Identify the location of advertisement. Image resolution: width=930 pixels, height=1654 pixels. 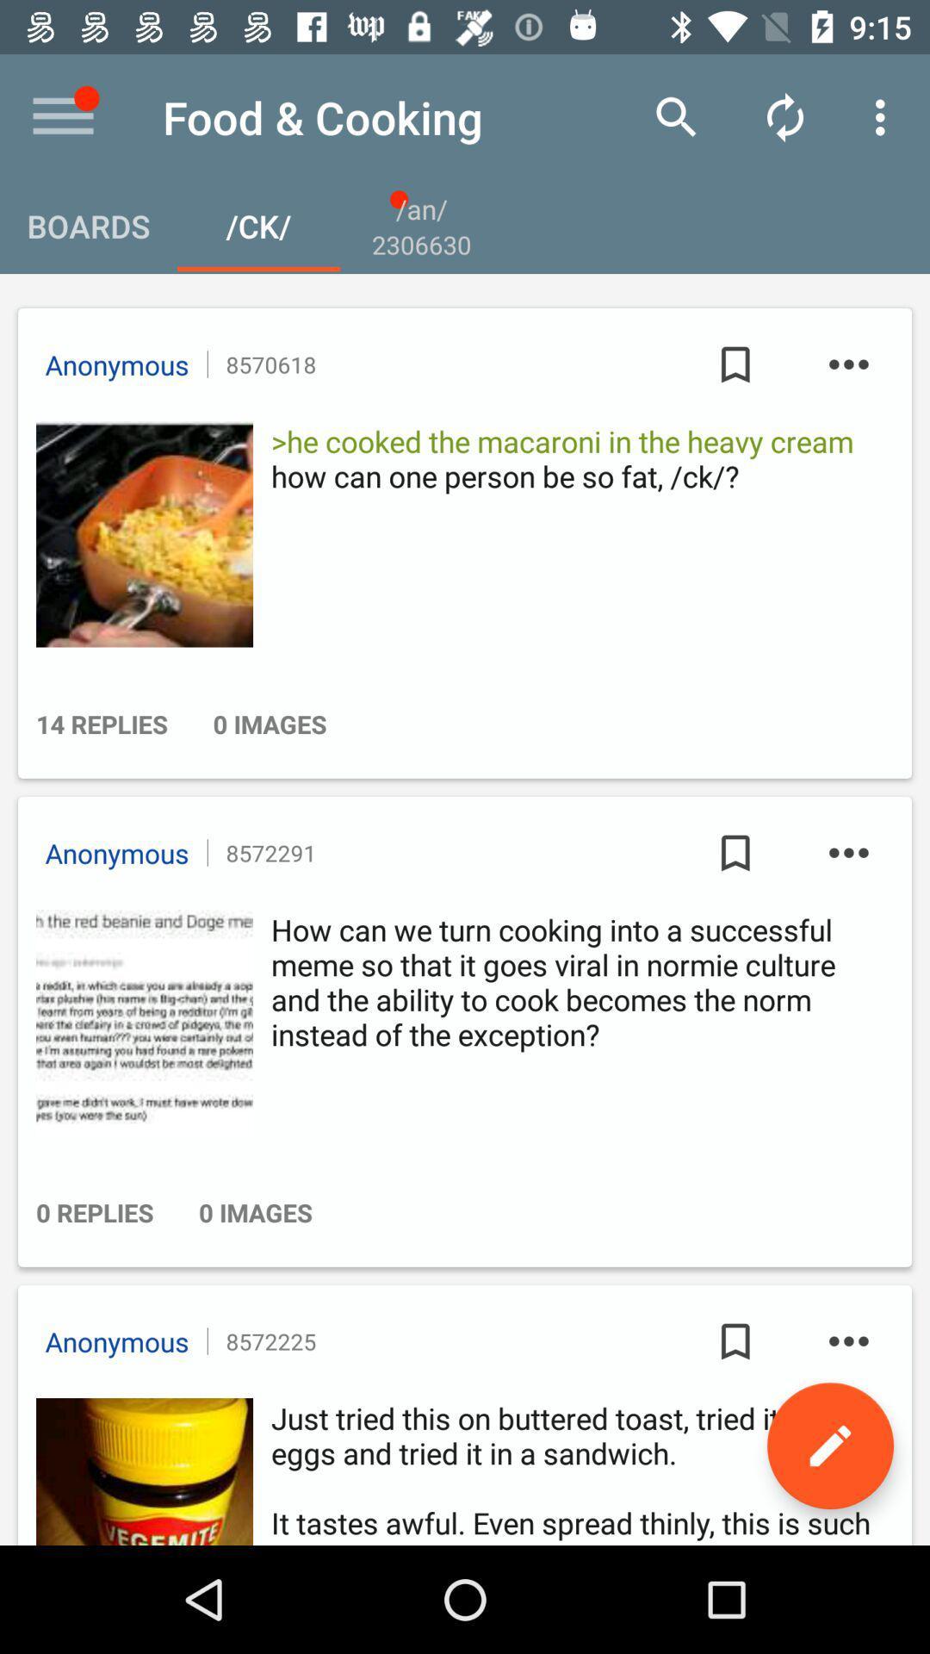
(139, 1023).